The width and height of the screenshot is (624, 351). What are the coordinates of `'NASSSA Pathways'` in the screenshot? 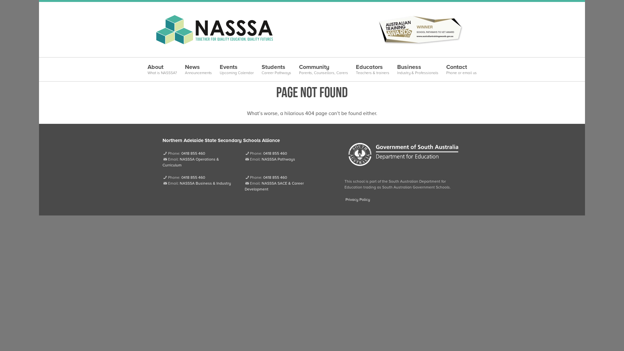 It's located at (262, 159).